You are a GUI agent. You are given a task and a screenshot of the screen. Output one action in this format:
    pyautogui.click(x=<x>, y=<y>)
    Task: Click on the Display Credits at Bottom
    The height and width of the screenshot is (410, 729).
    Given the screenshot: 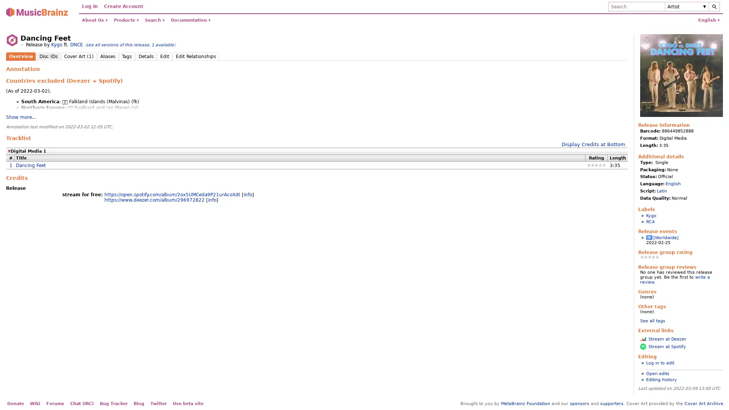 What is the action you would take?
    pyautogui.click(x=593, y=144)
    